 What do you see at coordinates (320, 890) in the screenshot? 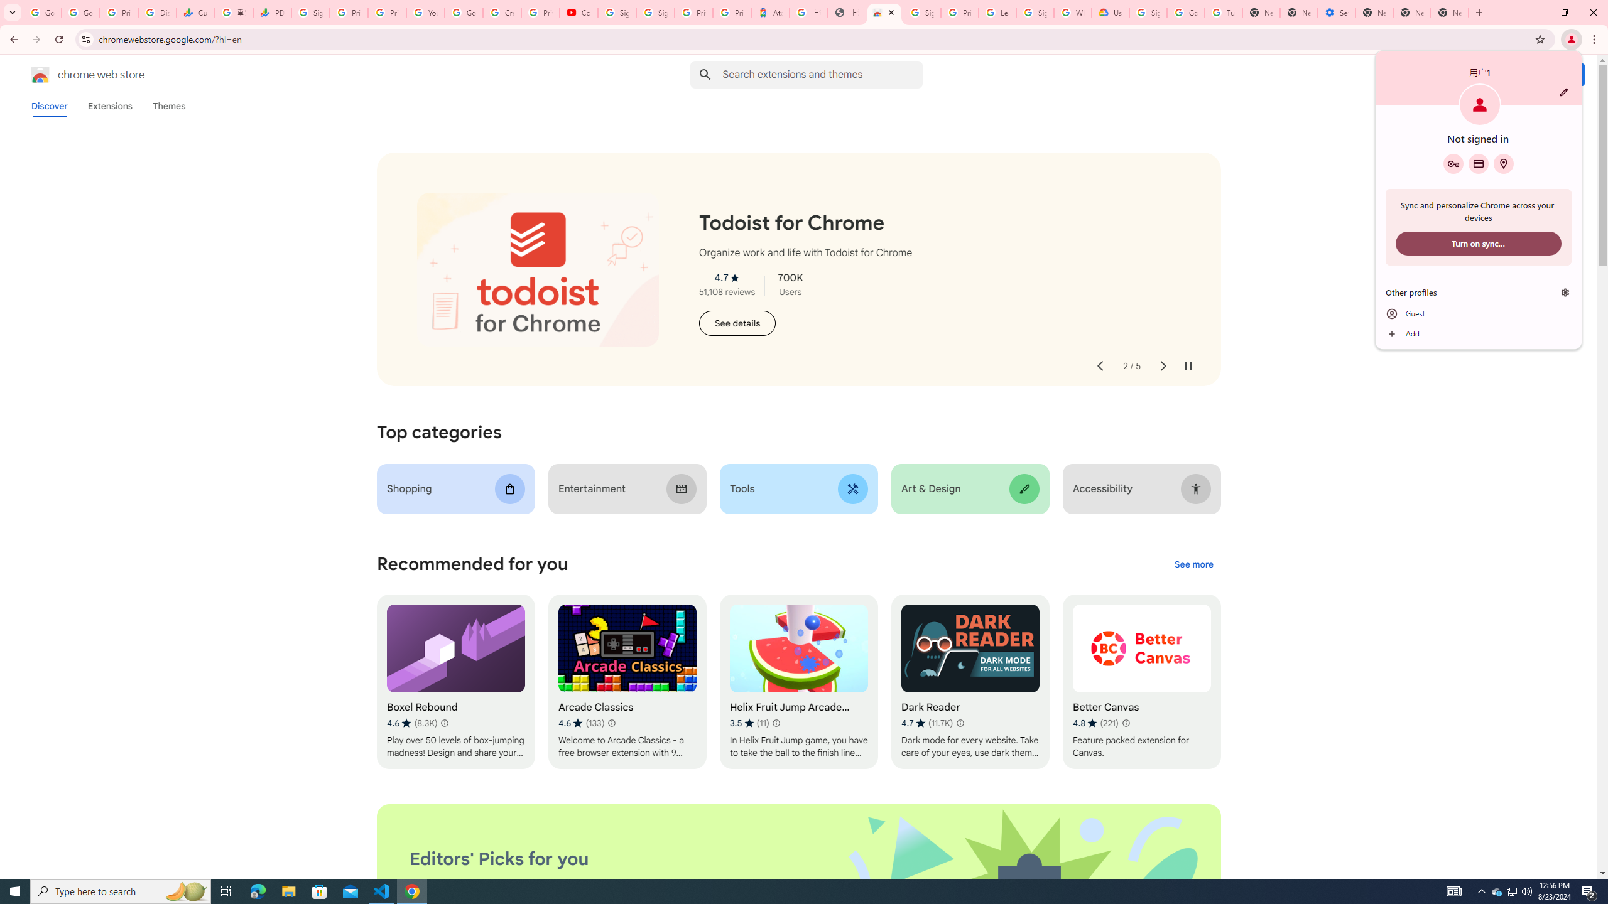
I see `'Microsoft Store'` at bounding box center [320, 890].